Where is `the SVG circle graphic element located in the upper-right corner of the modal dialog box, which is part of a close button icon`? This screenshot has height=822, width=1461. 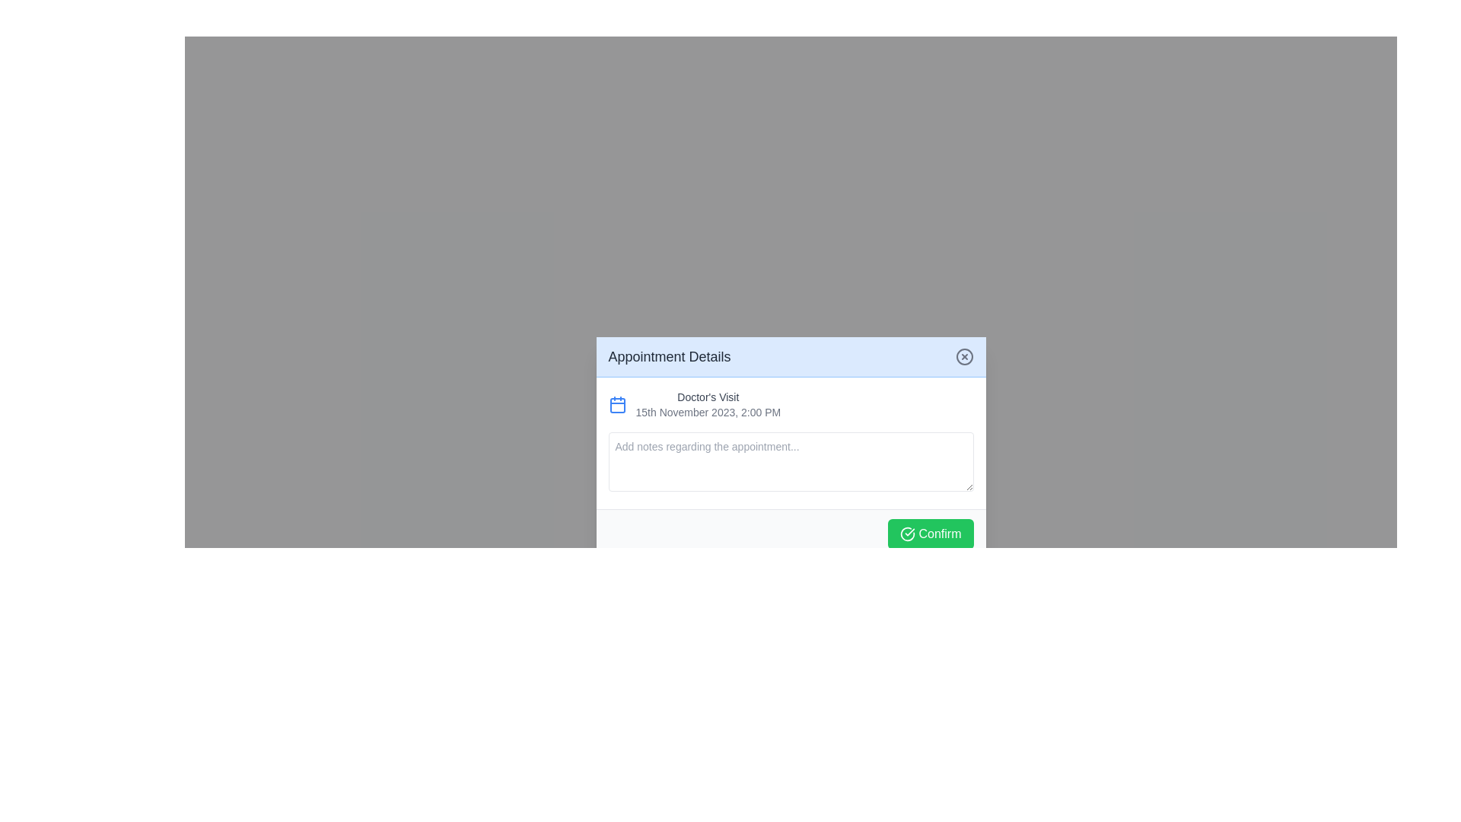 the SVG circle graphic element located in the upper-right corner of the modal dialog box, which is part of a close button icon is located at coordinates (963, 356).